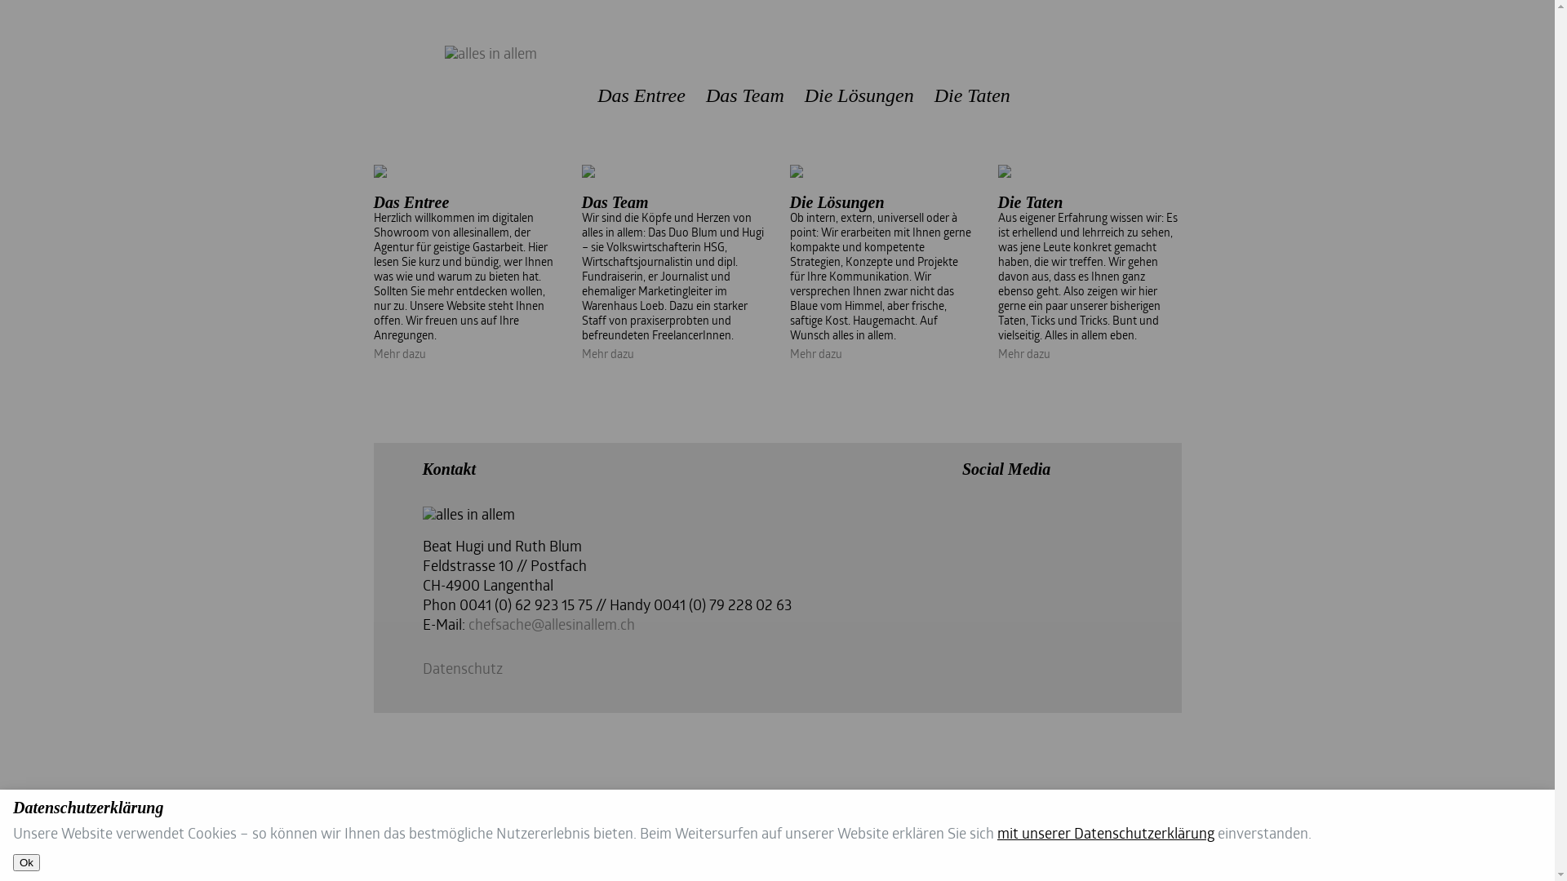 This screenshot has width=1567, height=881. I want to click on 'Datenschutz', so click(423, 670).